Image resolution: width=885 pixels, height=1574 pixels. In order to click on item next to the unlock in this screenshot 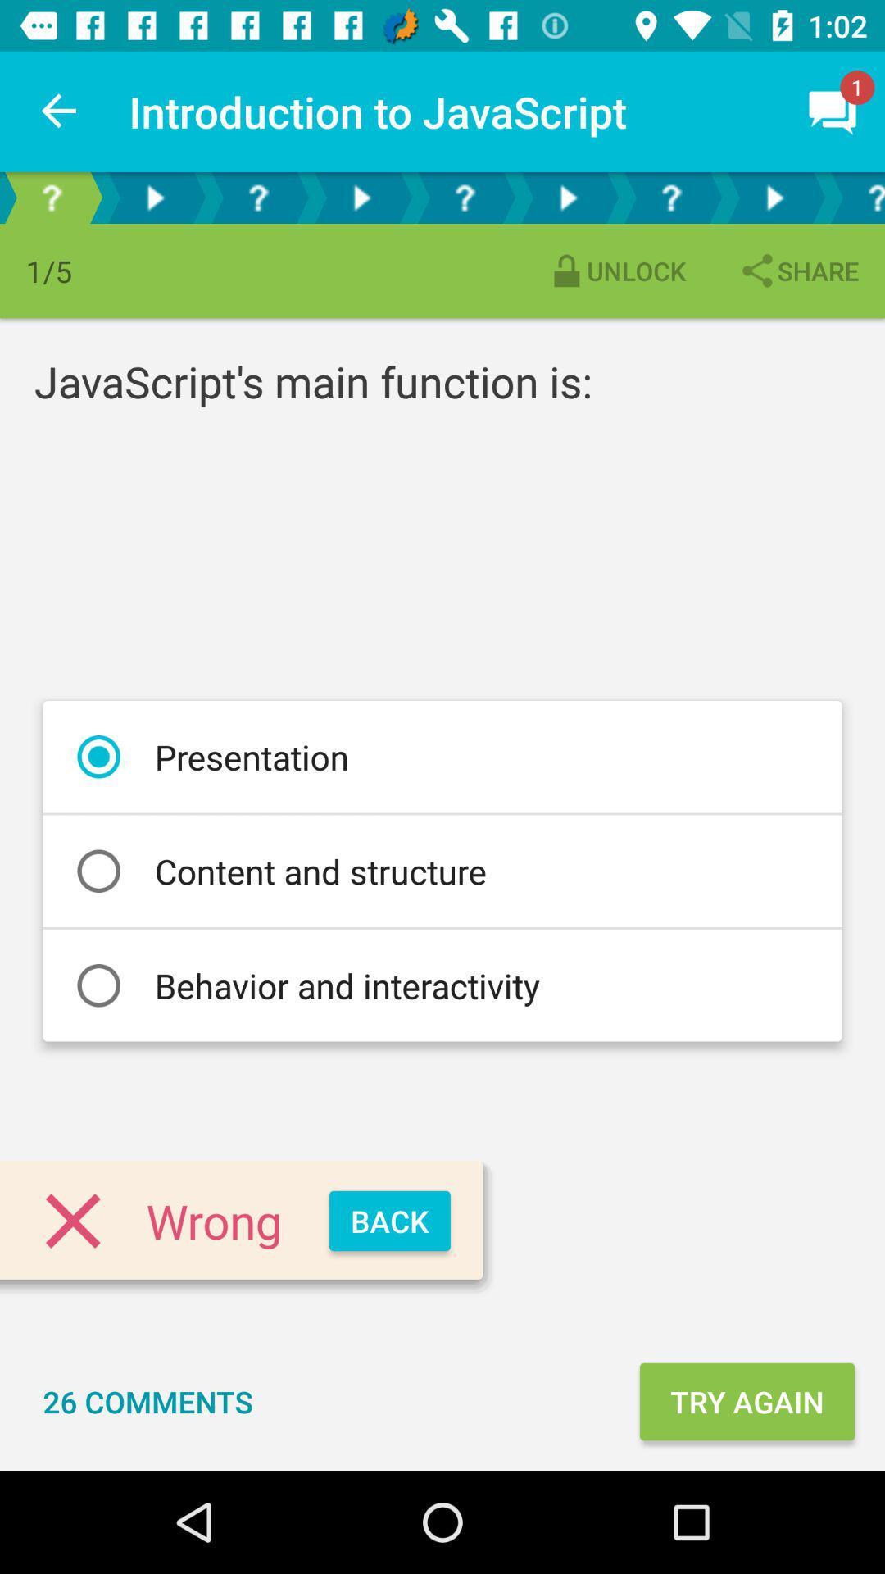, I will do `click(797, 271)`.